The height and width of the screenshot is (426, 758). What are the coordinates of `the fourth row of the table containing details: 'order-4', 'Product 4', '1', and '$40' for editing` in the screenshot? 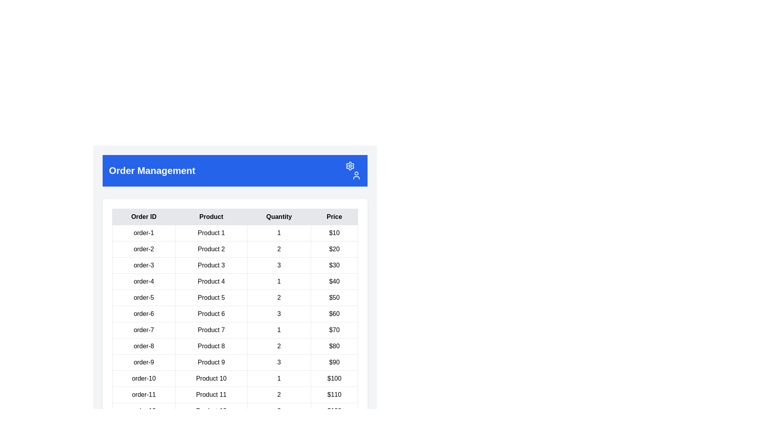 It's located at (235, 281).